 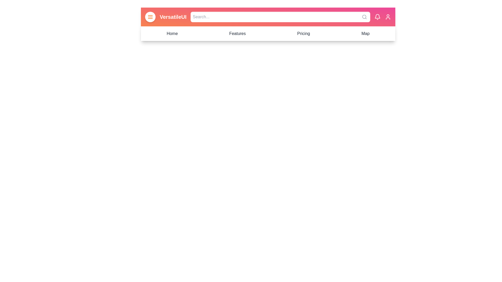 I want to click on the navigation menu item labeled 'Home' to navigate to the corresponding section, so click(x=172, y=33).